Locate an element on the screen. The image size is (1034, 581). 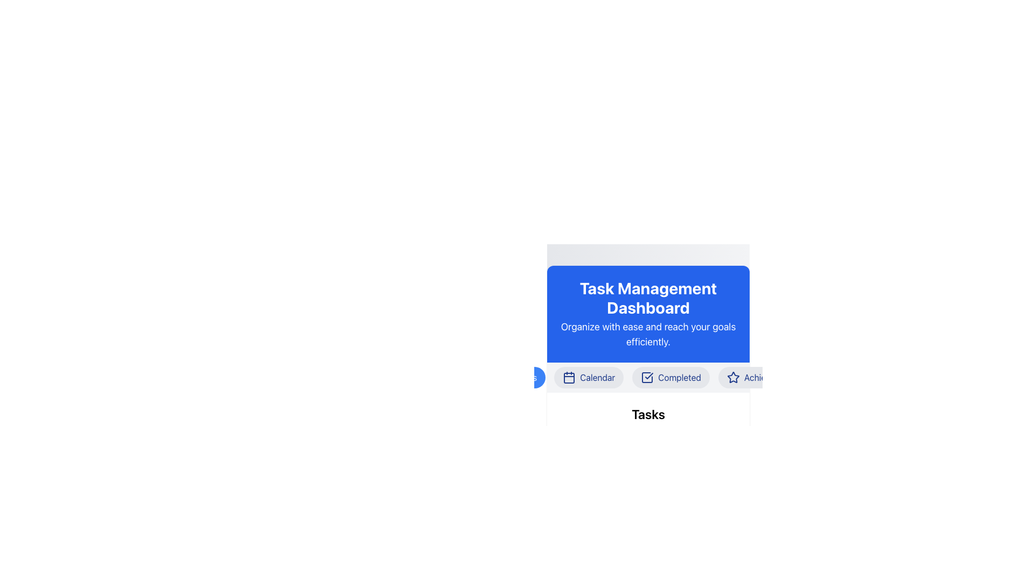
the SVG graphic icon representing a square with a checkmark inside, located to the left of the text 'Completed' within a blue-highlighted button in the navigation bar is located at coordinates (647, 377).